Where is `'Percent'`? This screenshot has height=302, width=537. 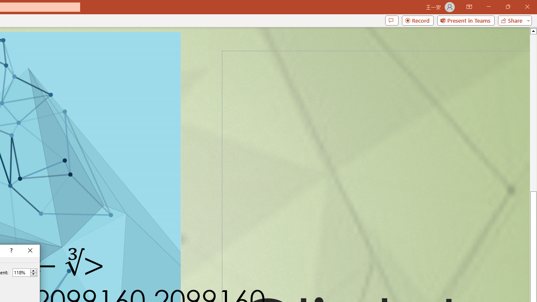 'Percent' is located at coordinates (21, 272).